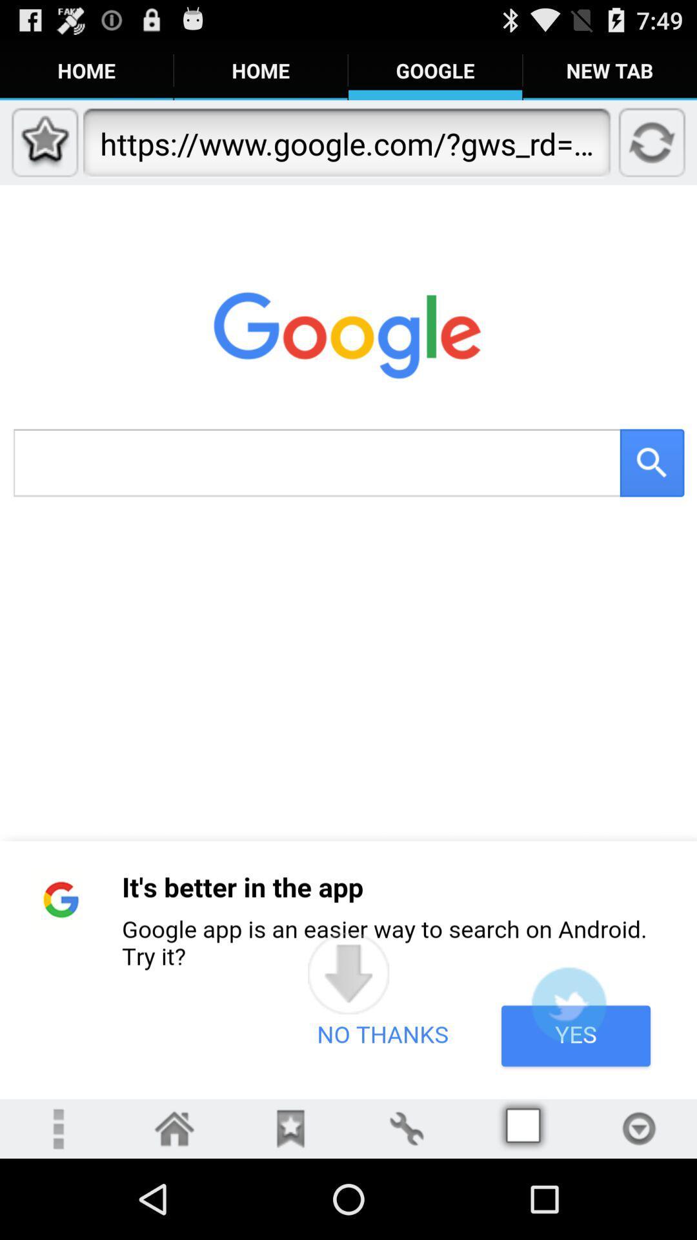 Image resolution: width=697 pixels, height=1240 pixels. Describe the element at coordinates (57, 1128) in the screenshot. I see `drop down main menu` at that location.